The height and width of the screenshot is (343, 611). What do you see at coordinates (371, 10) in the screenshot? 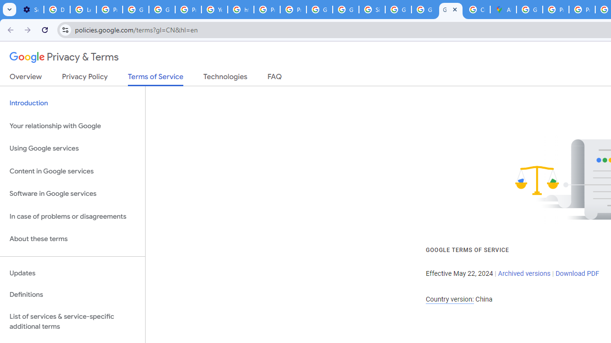
I see `'Sign in - Google Accounts'` at bounding box center [371, 10].